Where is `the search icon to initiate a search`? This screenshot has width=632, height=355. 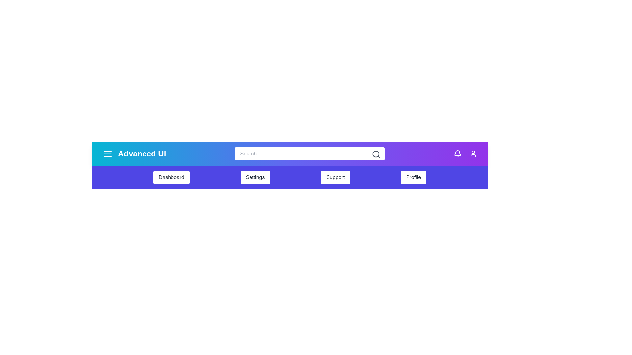
the search icon to initiate a search is located at coordinates (376, 154).